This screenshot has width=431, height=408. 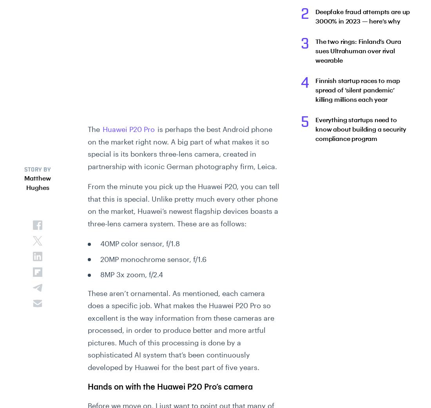 I want to click on '20MP monochrome sensor, f/1.6', so click(x=153, y=259).